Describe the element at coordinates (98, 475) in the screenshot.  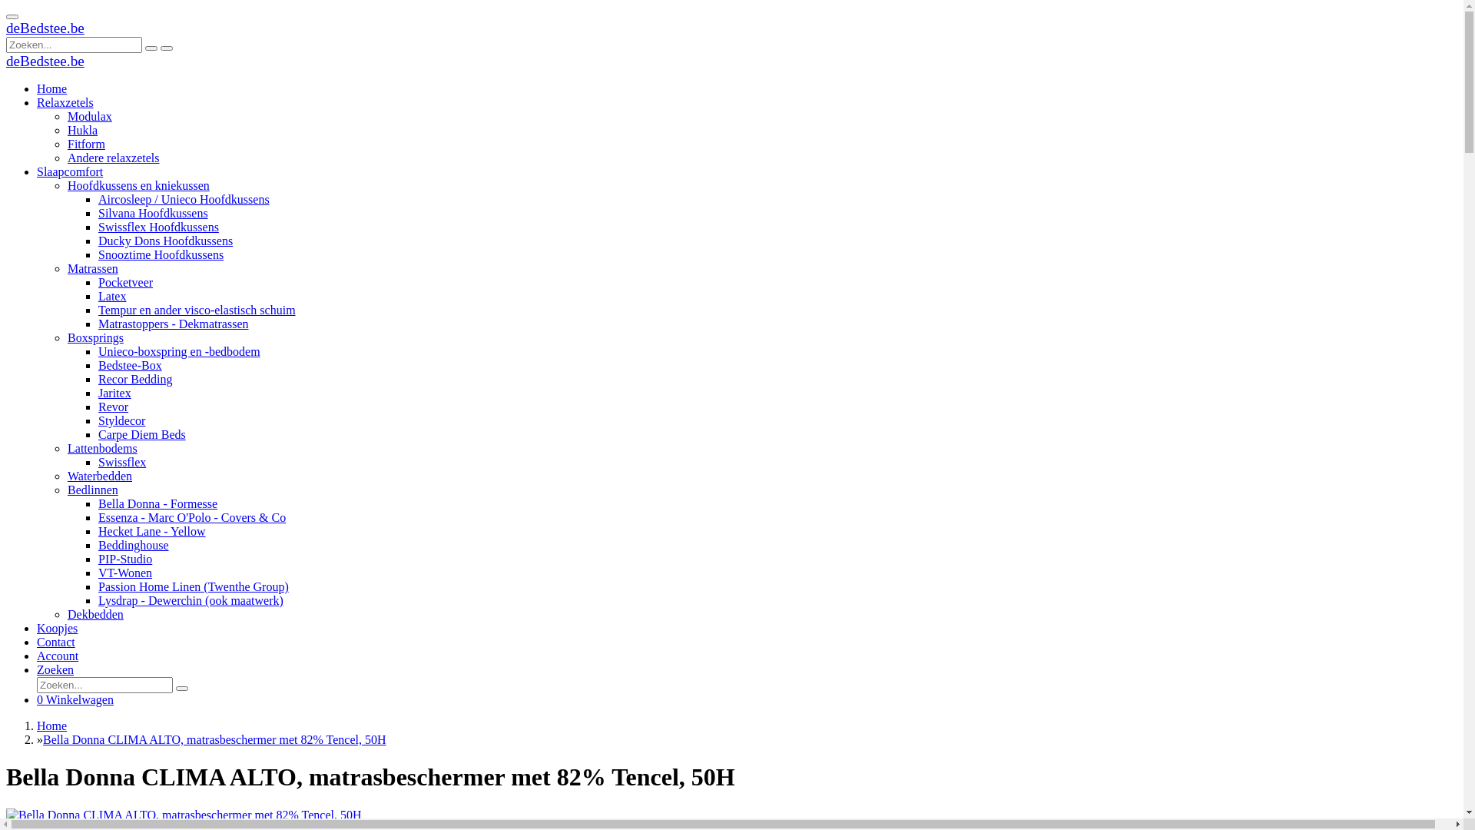
I see `'Waterbedden'` at that location.